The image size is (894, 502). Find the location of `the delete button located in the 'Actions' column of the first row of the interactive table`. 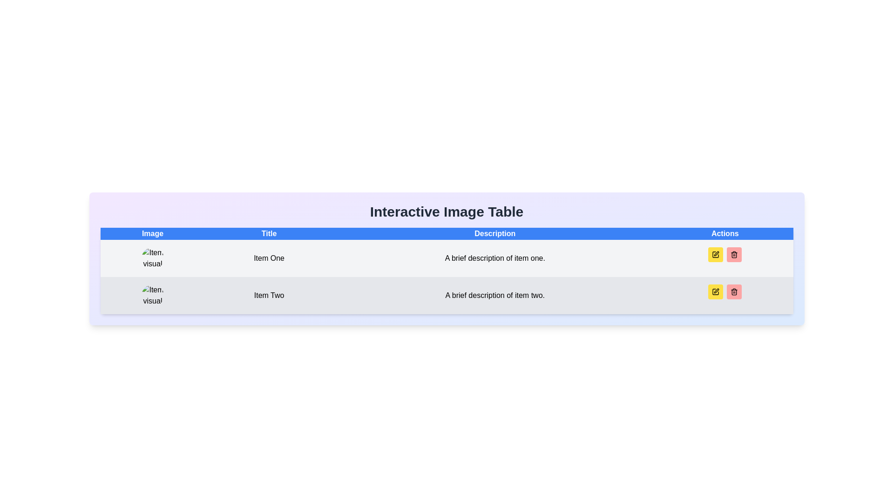

the delete button located in the 'Actions' column of the first row of the interactive table is located at coordinates (724, 254).